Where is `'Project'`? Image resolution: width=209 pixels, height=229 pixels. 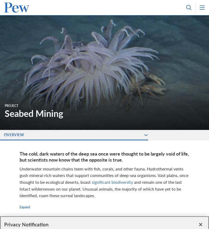 'Project' is located at coordinates (11, 106).